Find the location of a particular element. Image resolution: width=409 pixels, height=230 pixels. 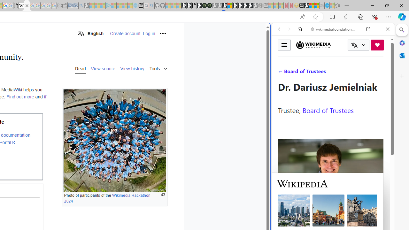

'New tab - Sleeping' is located at coordinates (266, 5).